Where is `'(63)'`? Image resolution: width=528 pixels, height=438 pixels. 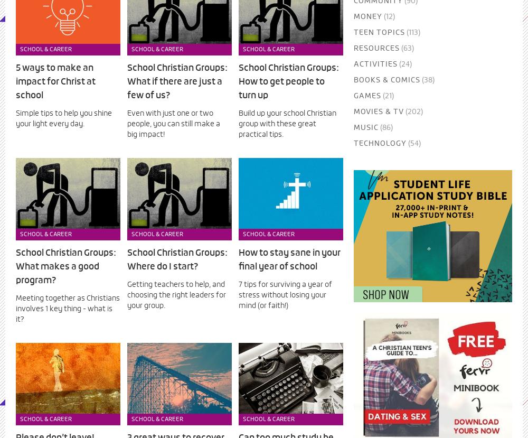
'(63)' is located at coordinates (406, 49).